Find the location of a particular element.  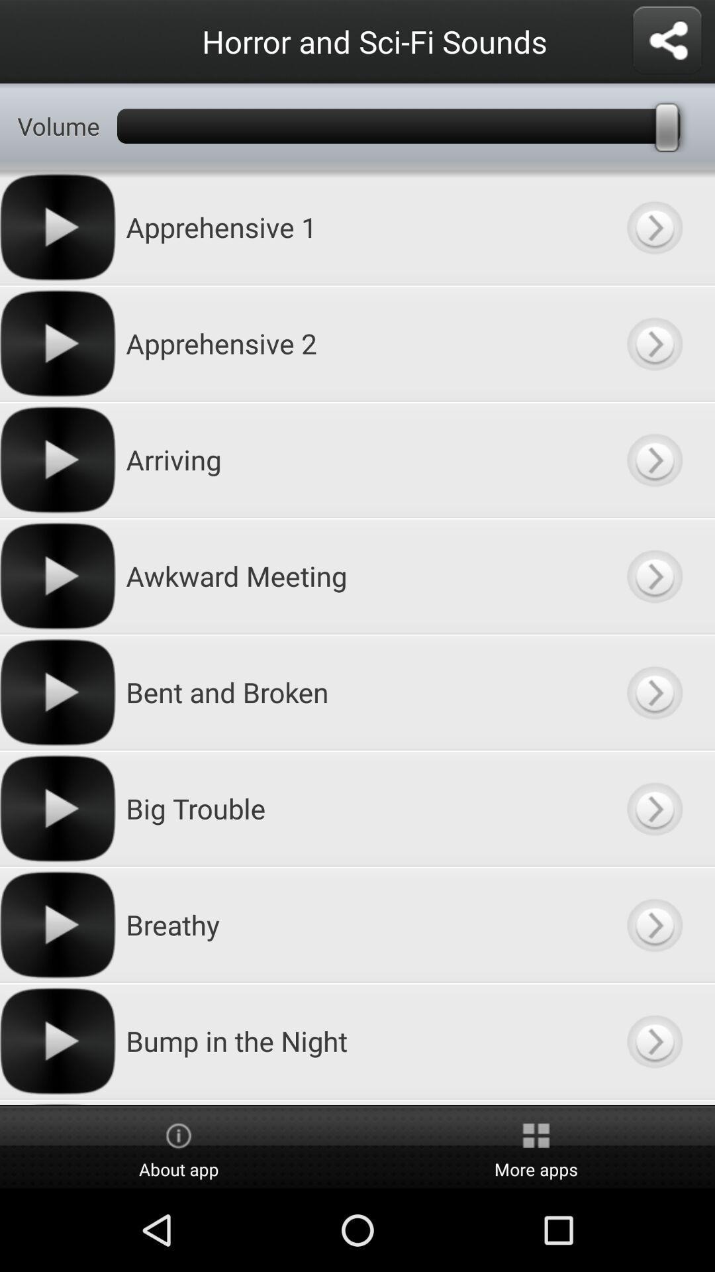

compartilhar artigo is located at coordinates (667, 41).